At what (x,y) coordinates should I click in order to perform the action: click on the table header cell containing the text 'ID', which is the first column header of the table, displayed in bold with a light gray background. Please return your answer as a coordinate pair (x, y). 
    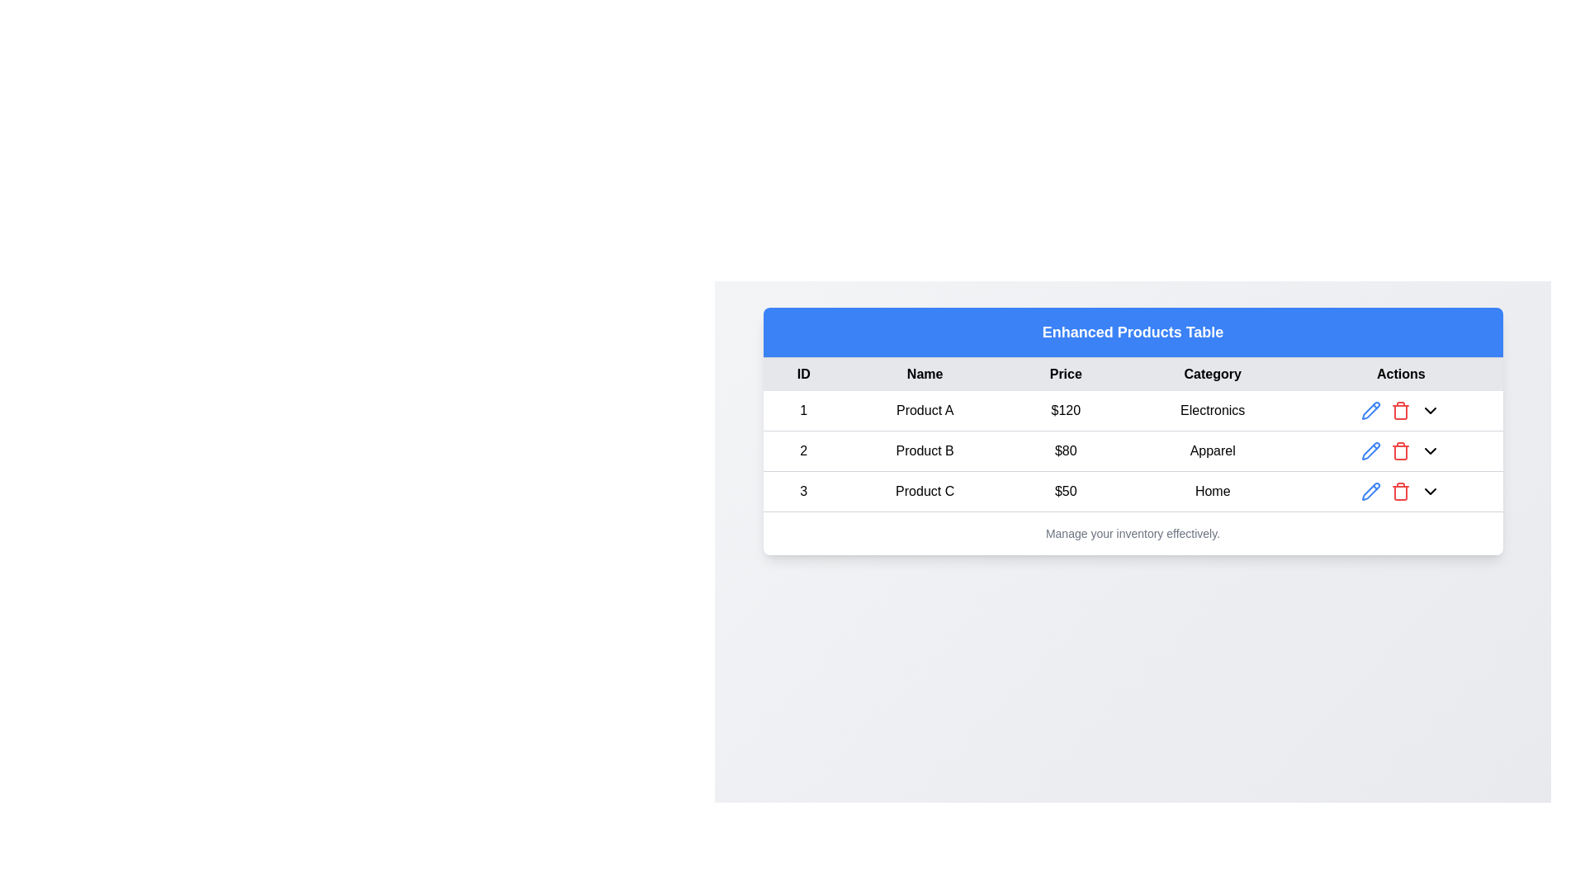
    Looking at the image, I should click on (803, 374).